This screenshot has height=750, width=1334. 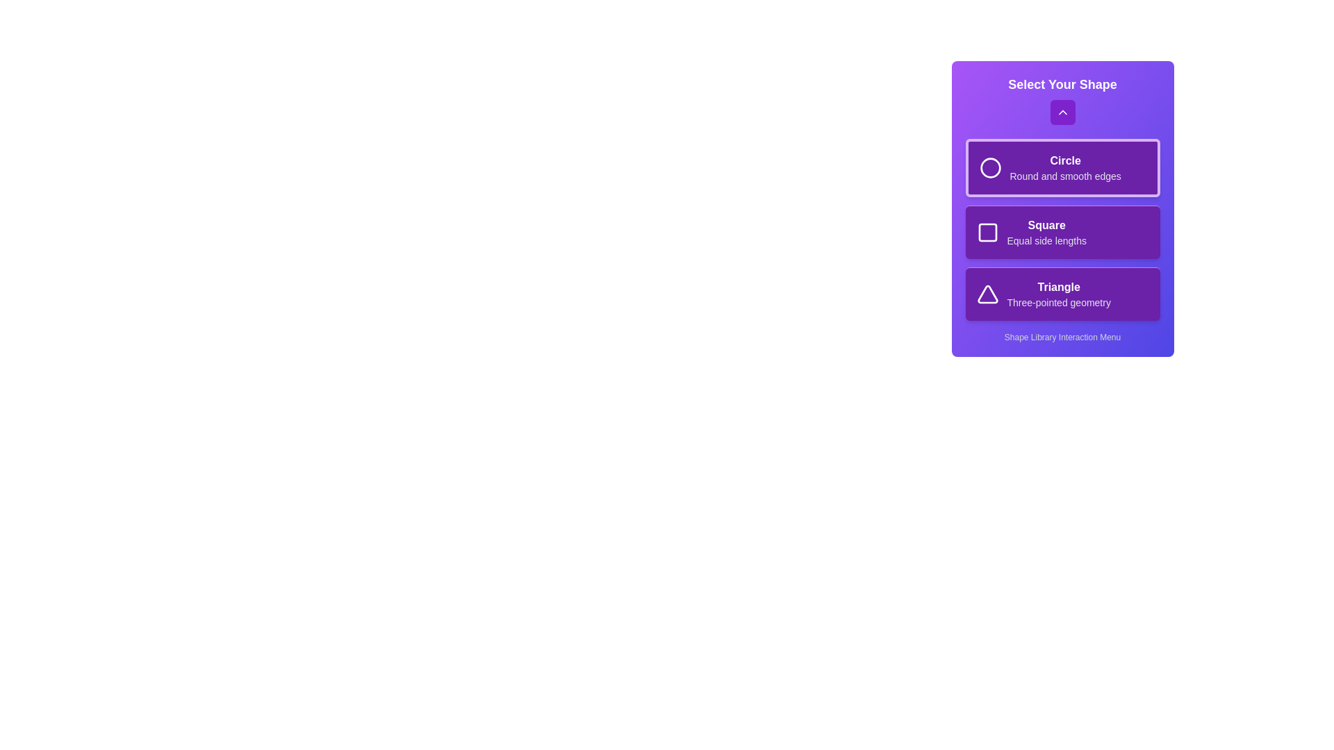 I want to click on the shape Circle by clicking on its corresponding button, so click(x=1062, y=167).